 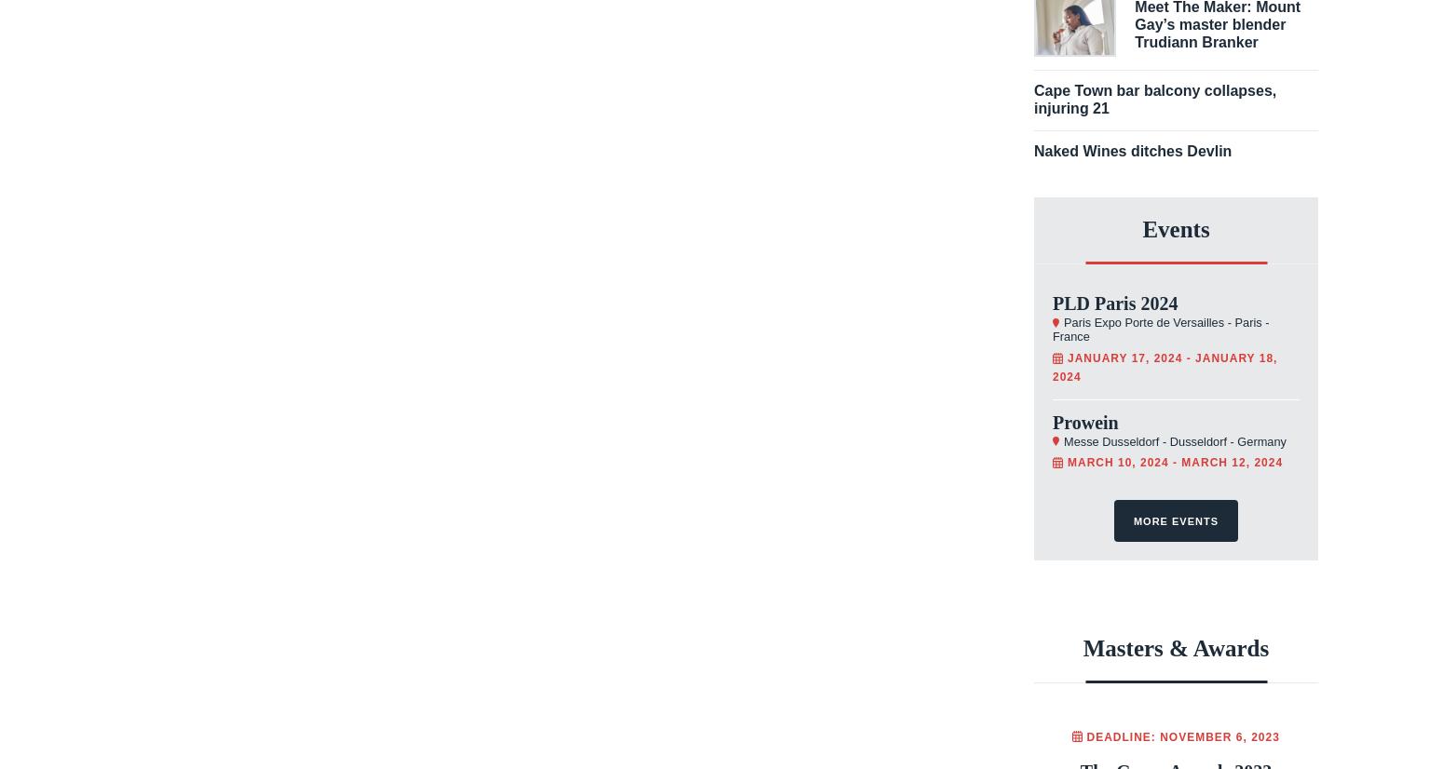 I want to click on 'More events', so click(x=1175, y=521).